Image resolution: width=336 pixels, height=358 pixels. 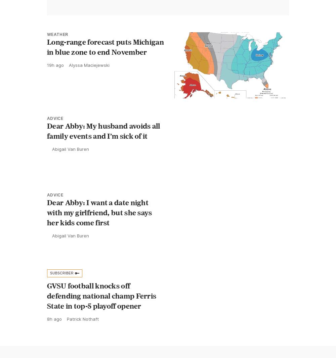 I want to click on 'Dear Abby: I want a date night with my girlfriend, but she says her kids come first', so click(x=99, y=212).